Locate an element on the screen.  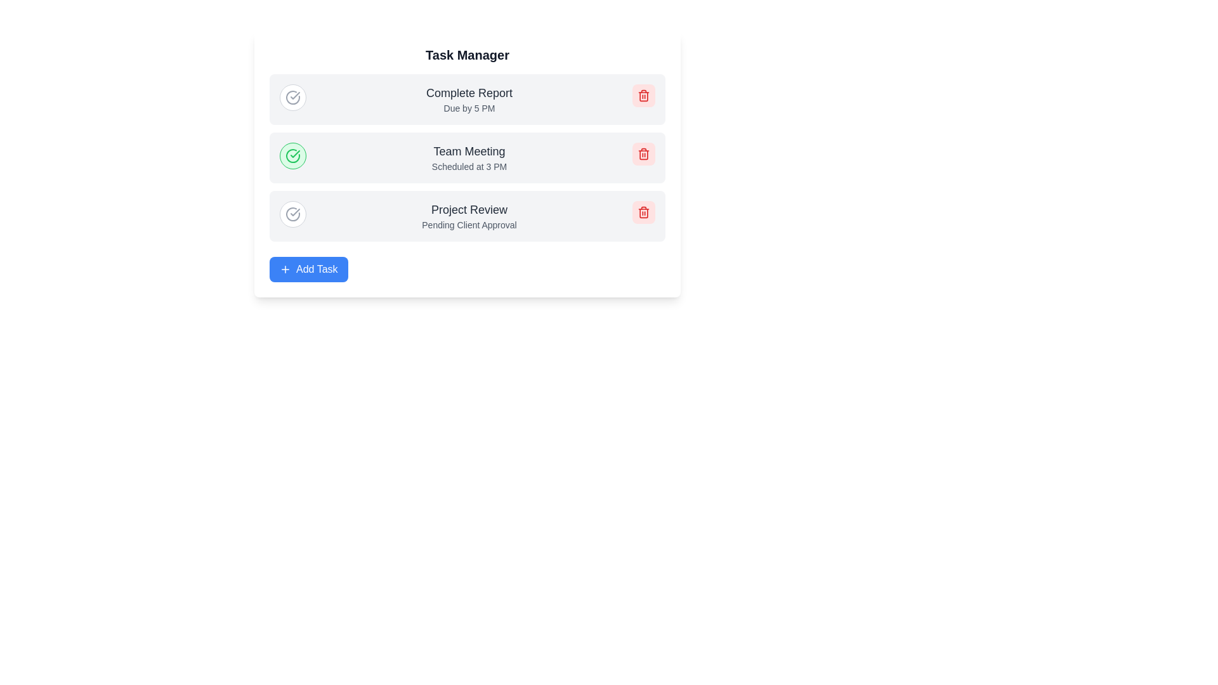
details of the 'Team Meeting' task card, which is the second entry in the vertical list of task items, identified by its light gray background, green check icon, and red trash icon is located at coordinates (467, 157).